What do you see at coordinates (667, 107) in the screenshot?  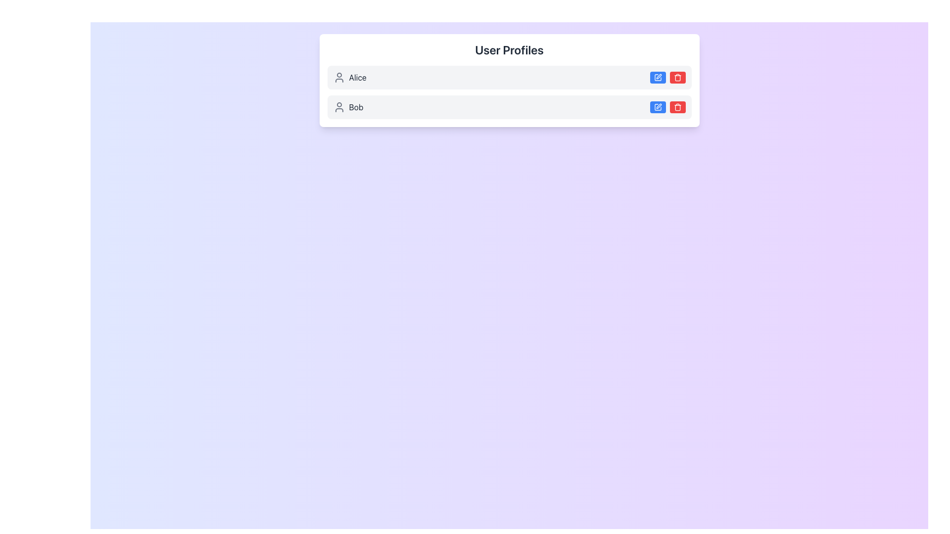 I see `the 'Delete' button in the Horizontal Button Group for user 'Bob'` at bounding box center [667, 107].